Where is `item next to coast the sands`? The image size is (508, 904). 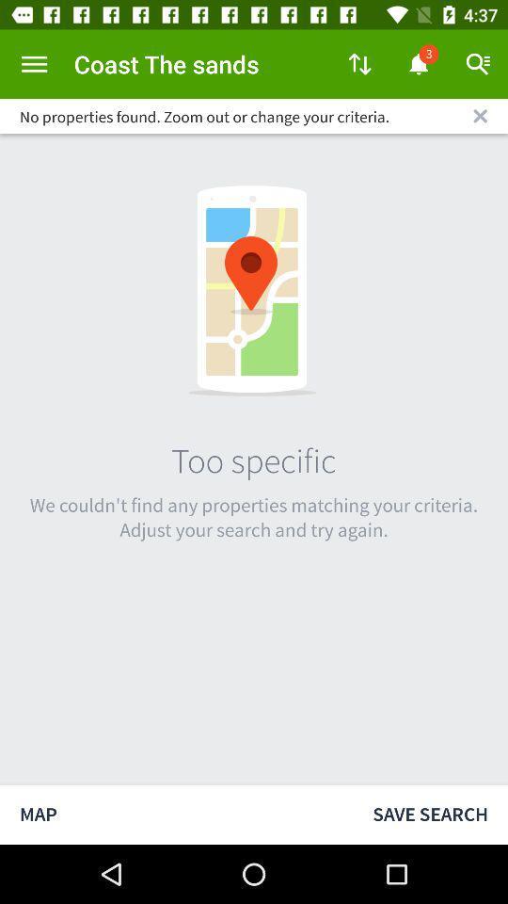
item next to coast the sands is located at coordinates (34, 64).